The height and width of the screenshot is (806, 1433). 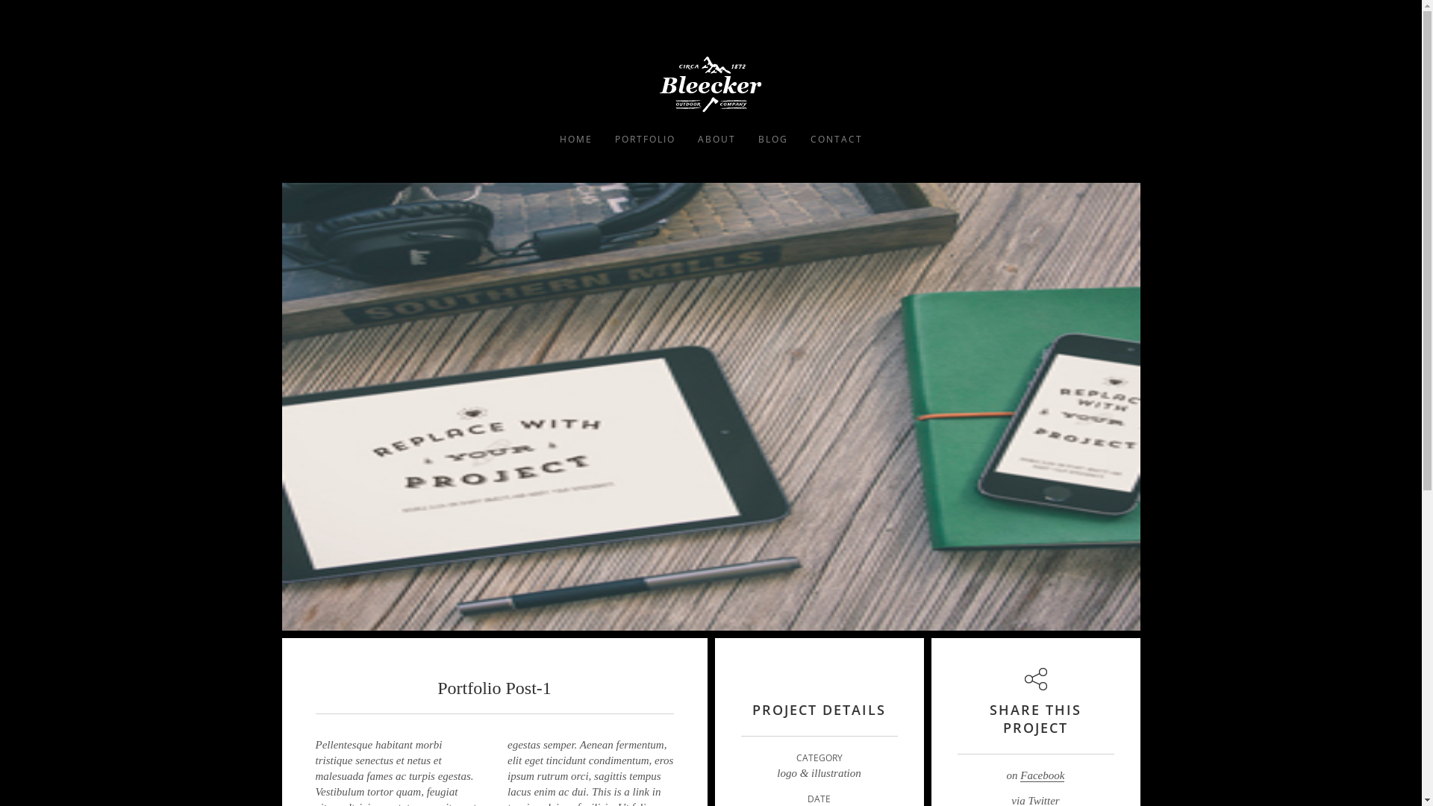 I want to click on 'PORTFOLIO', so click(x=644, y=139).